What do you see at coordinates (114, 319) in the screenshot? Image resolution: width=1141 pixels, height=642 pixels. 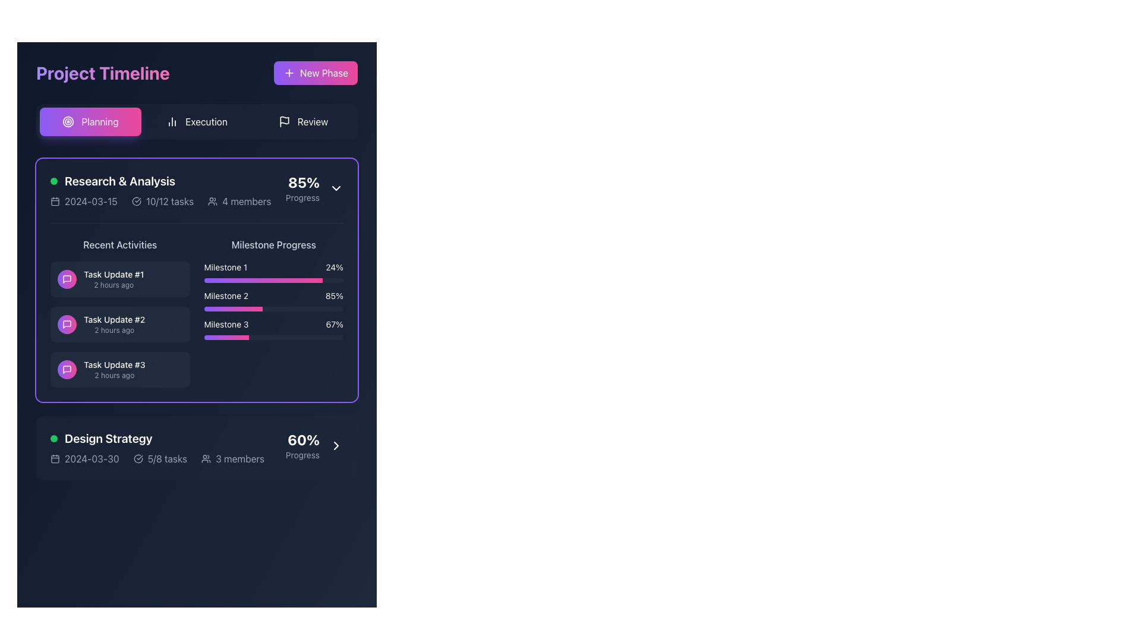 I see `the Text Label that describes a task update in the 'Recent Activities' section under 'Research & Analysis', which is the second item in the vertical list of task updates` at bounding box center [114, 319].